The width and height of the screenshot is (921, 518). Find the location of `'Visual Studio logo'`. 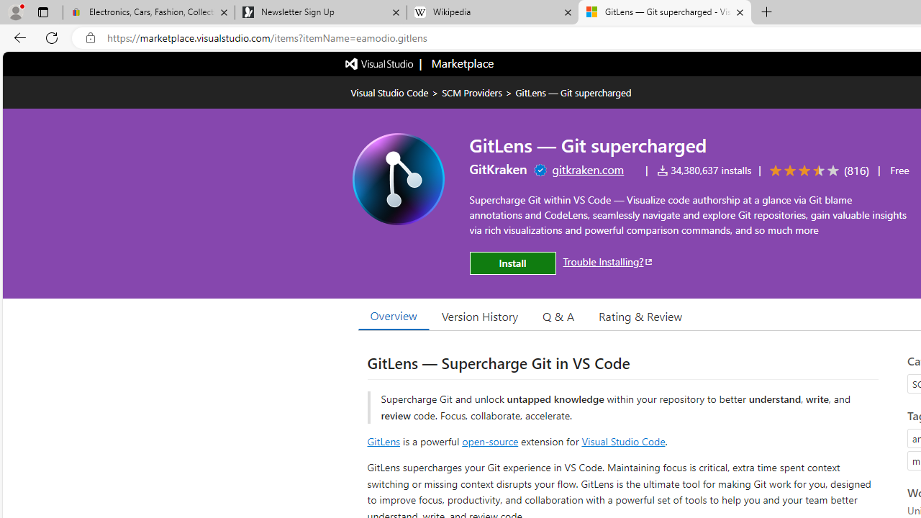

'Visual Studio logo' is located at coordinates (380, 62).